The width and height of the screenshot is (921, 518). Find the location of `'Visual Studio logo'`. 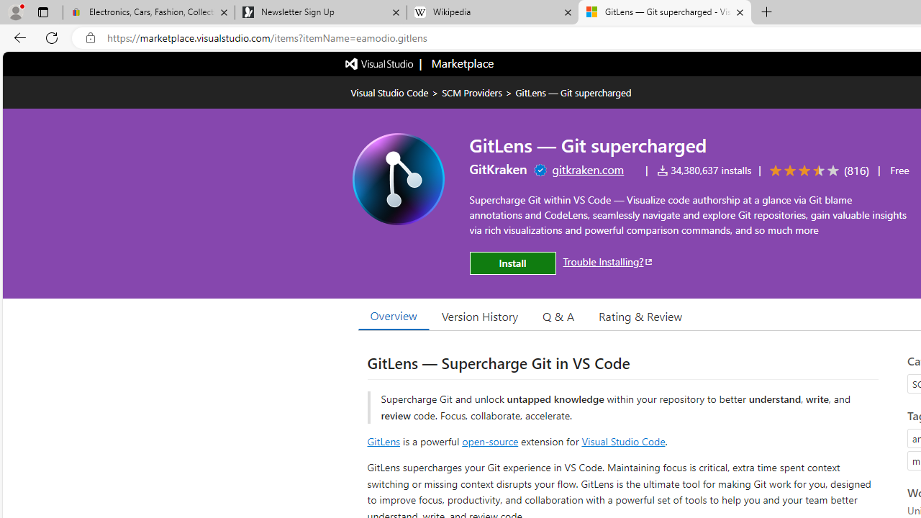

'Visual Studio logo' is located at coordinates (380, 62).